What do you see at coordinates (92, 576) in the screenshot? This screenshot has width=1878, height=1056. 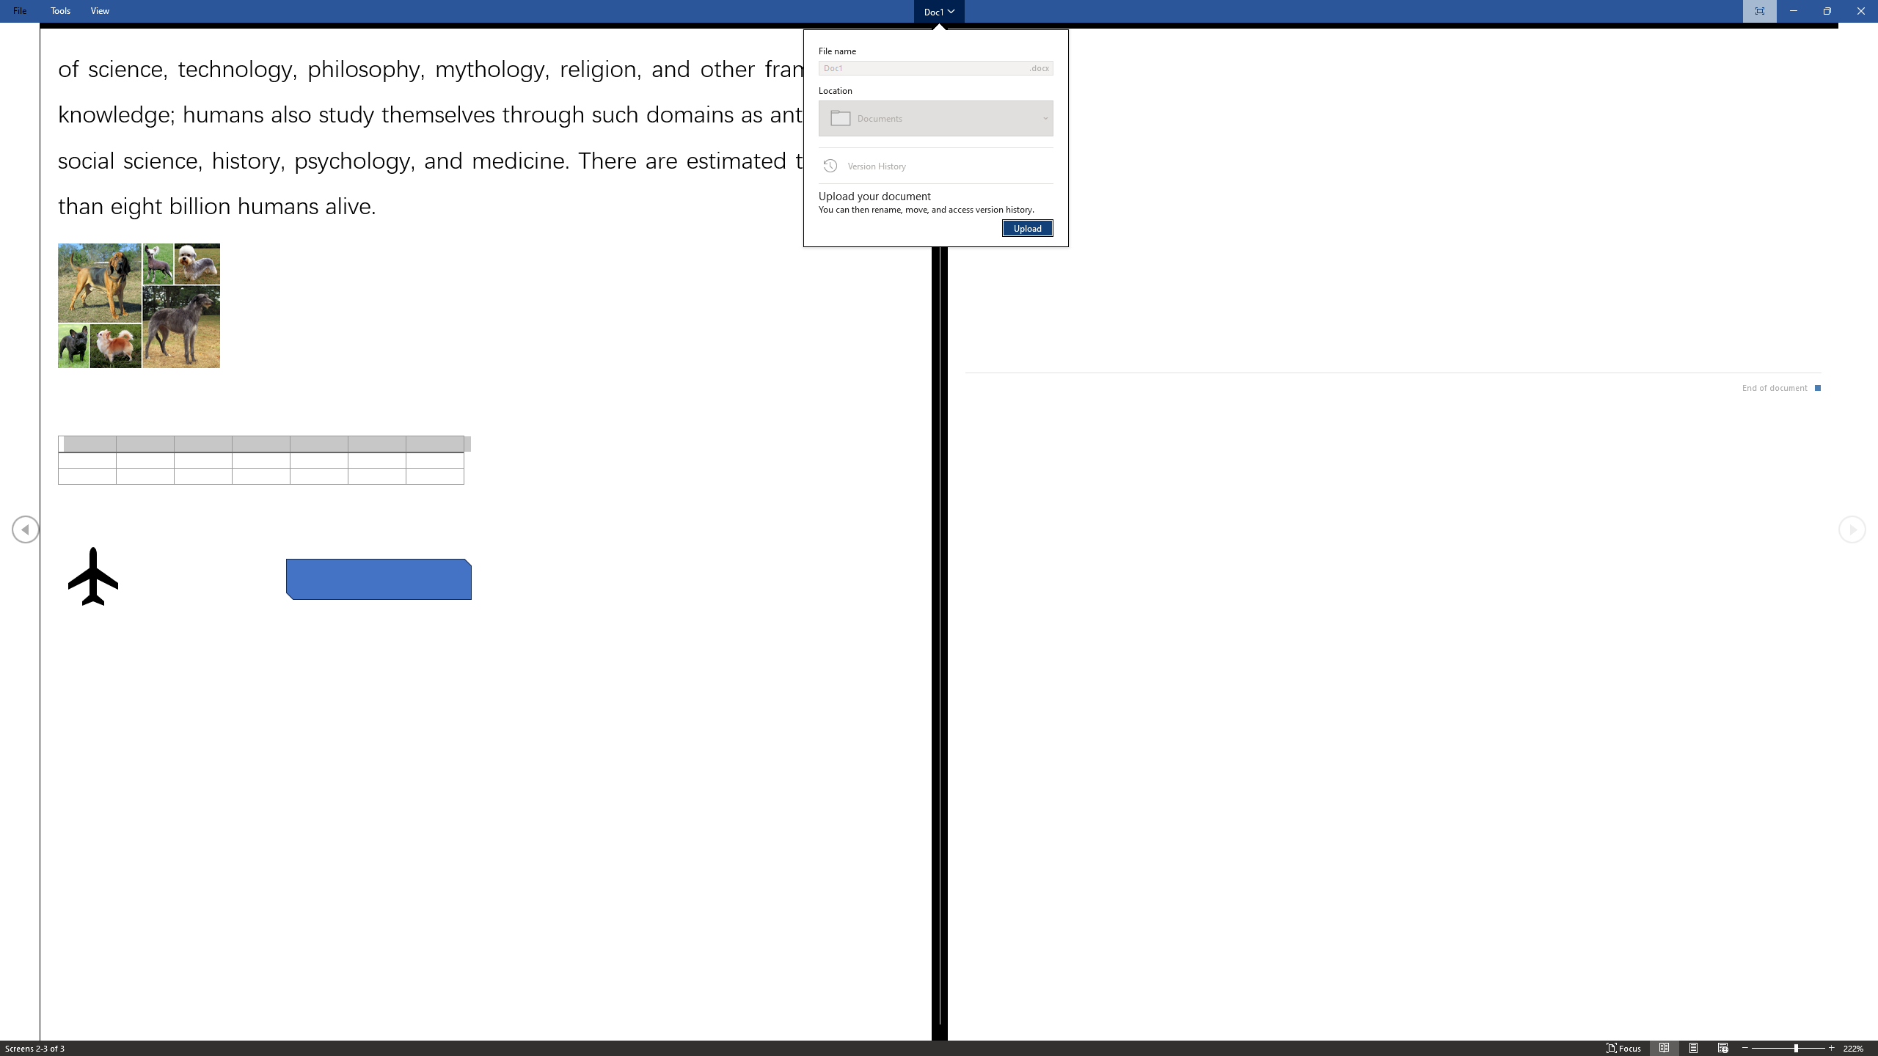 I see `'Airplane with solid fill'` at bounding box center [92, 576].